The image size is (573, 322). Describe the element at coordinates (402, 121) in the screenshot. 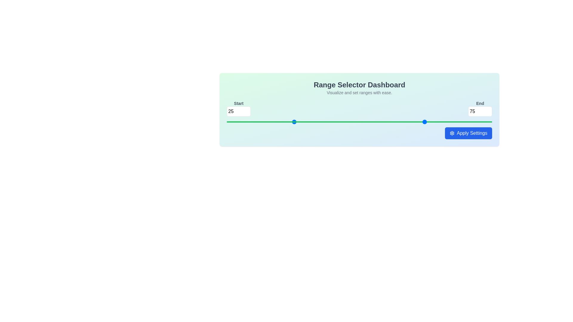

I see `the slider` at that location.